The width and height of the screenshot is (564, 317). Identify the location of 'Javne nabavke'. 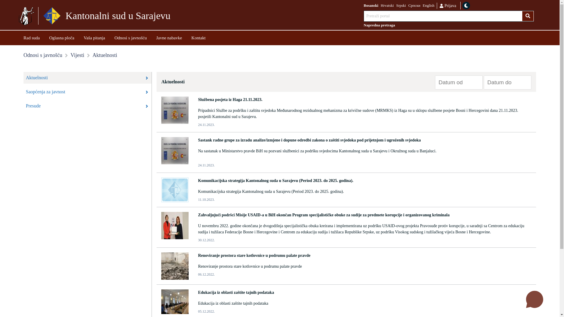
(169, 38).